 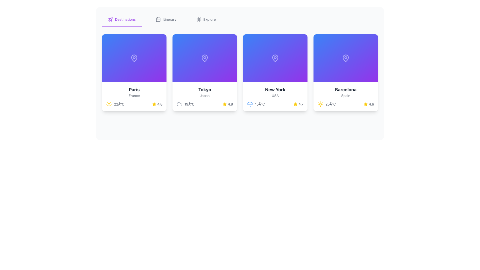 What do you see at coordinates (205, 57) in the screenshot?
I see `pin-shaped icon resembling a map marker with a hollow center and a gradient purple background located in the Tokyo card section` at bounding box center [205, 57].